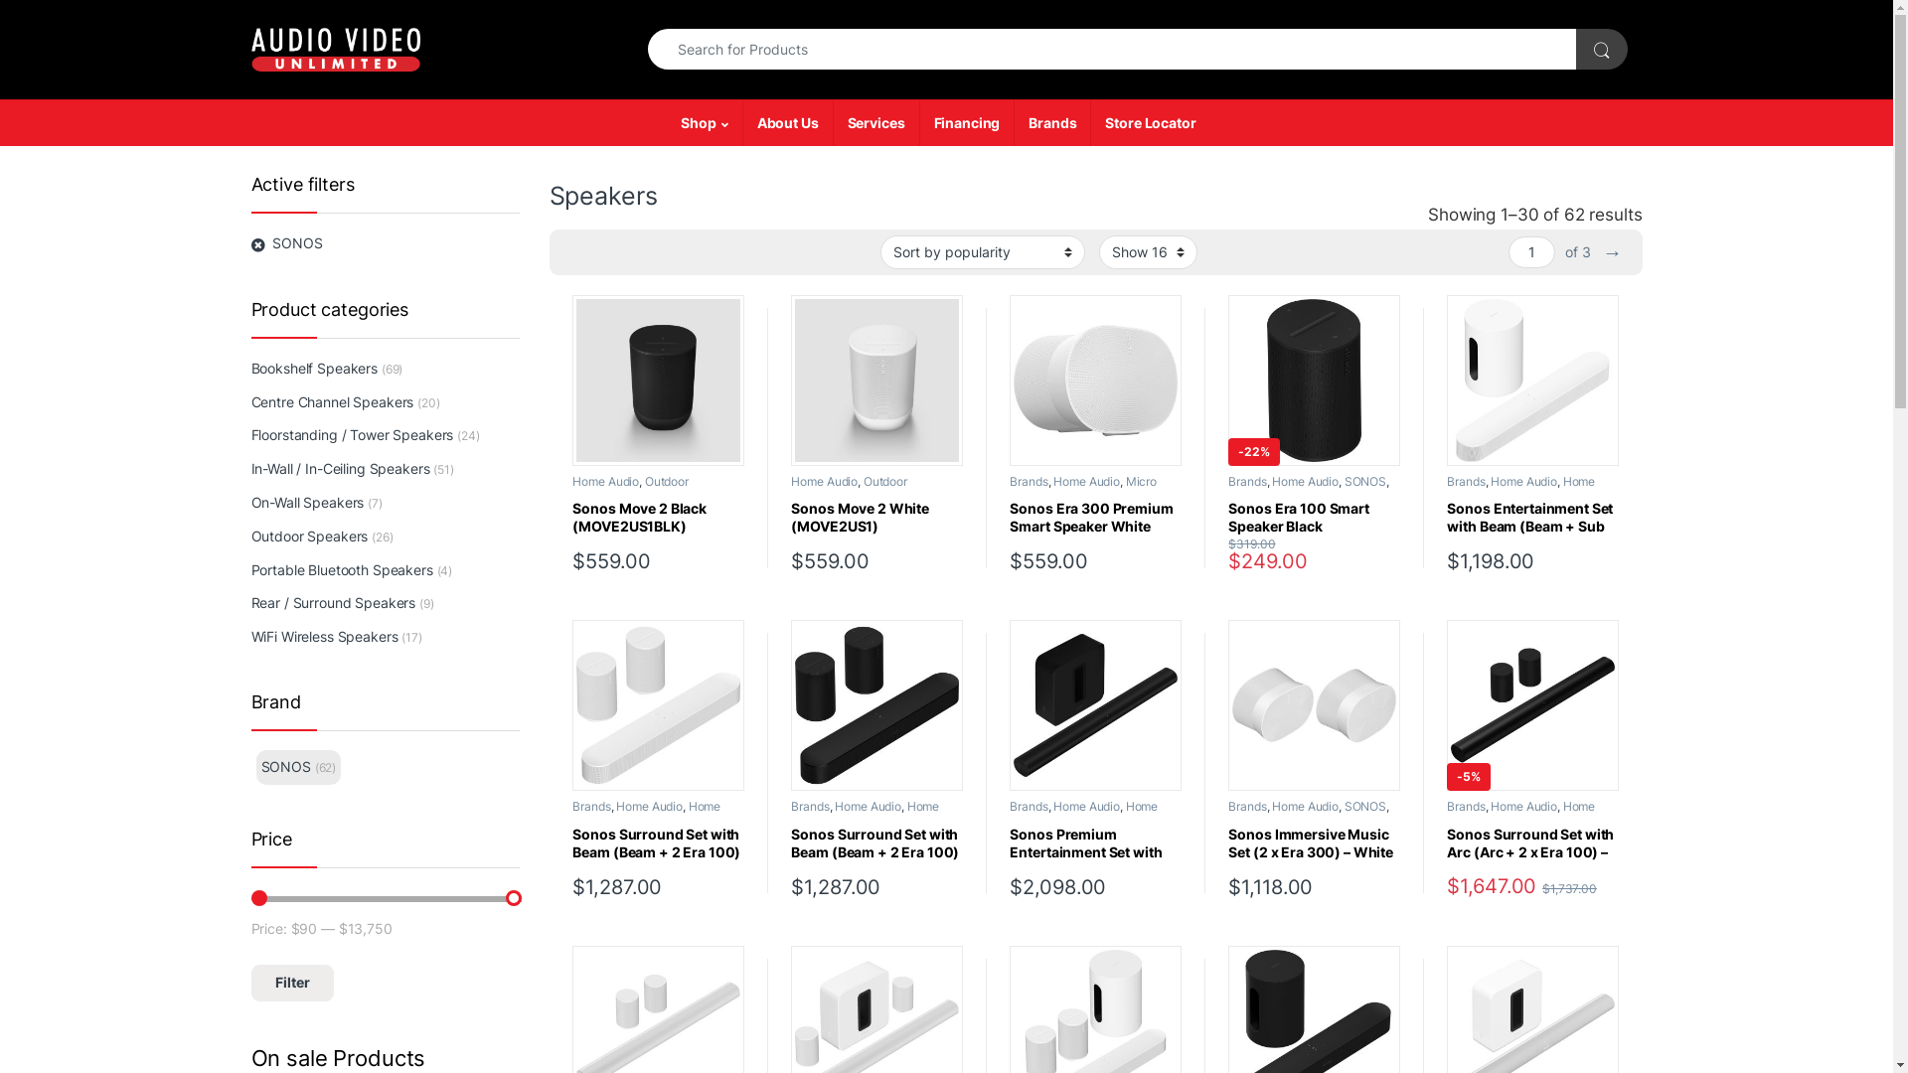 Image resolution: width=1908 pixels, height=1073 pixels. What do you see at coordinates (290, 981) in the screenshot?
I see `'Filter'` at bounding box center [290, 981].